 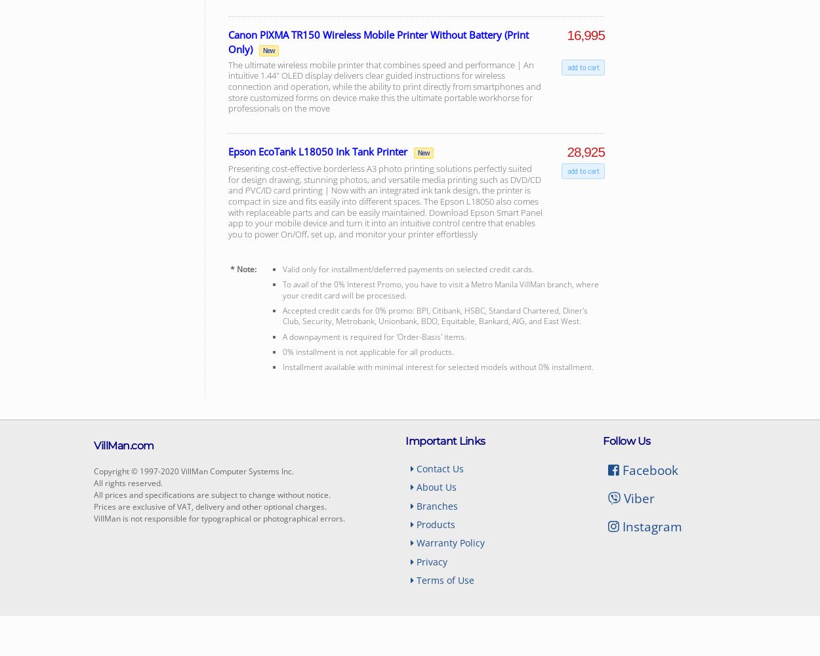 What do you see at coordinates (626, 440) in the screenshot?
I see `'Follow Us'` at bounding box center [626, 440].